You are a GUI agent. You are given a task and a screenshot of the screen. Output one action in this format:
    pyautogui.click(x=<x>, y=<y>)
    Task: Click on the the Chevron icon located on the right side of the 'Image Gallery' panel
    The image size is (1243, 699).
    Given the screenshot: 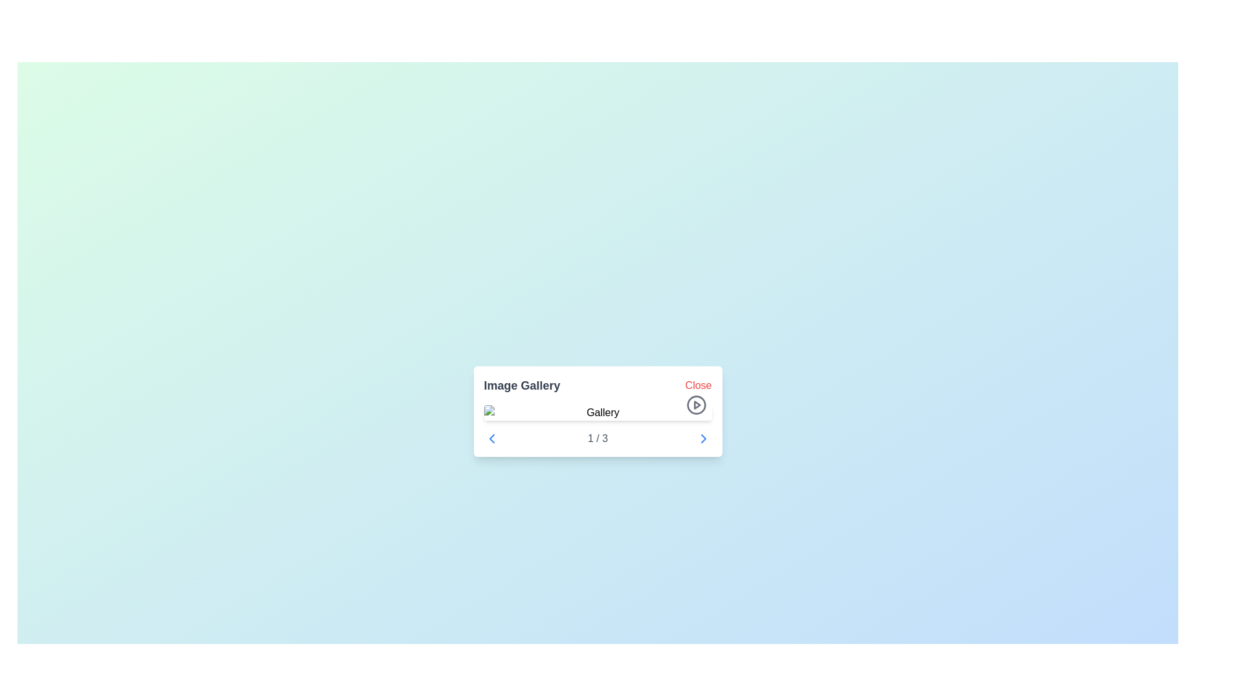 What is the action you would take?
    pyautogui.click(x=702, y=438)
    